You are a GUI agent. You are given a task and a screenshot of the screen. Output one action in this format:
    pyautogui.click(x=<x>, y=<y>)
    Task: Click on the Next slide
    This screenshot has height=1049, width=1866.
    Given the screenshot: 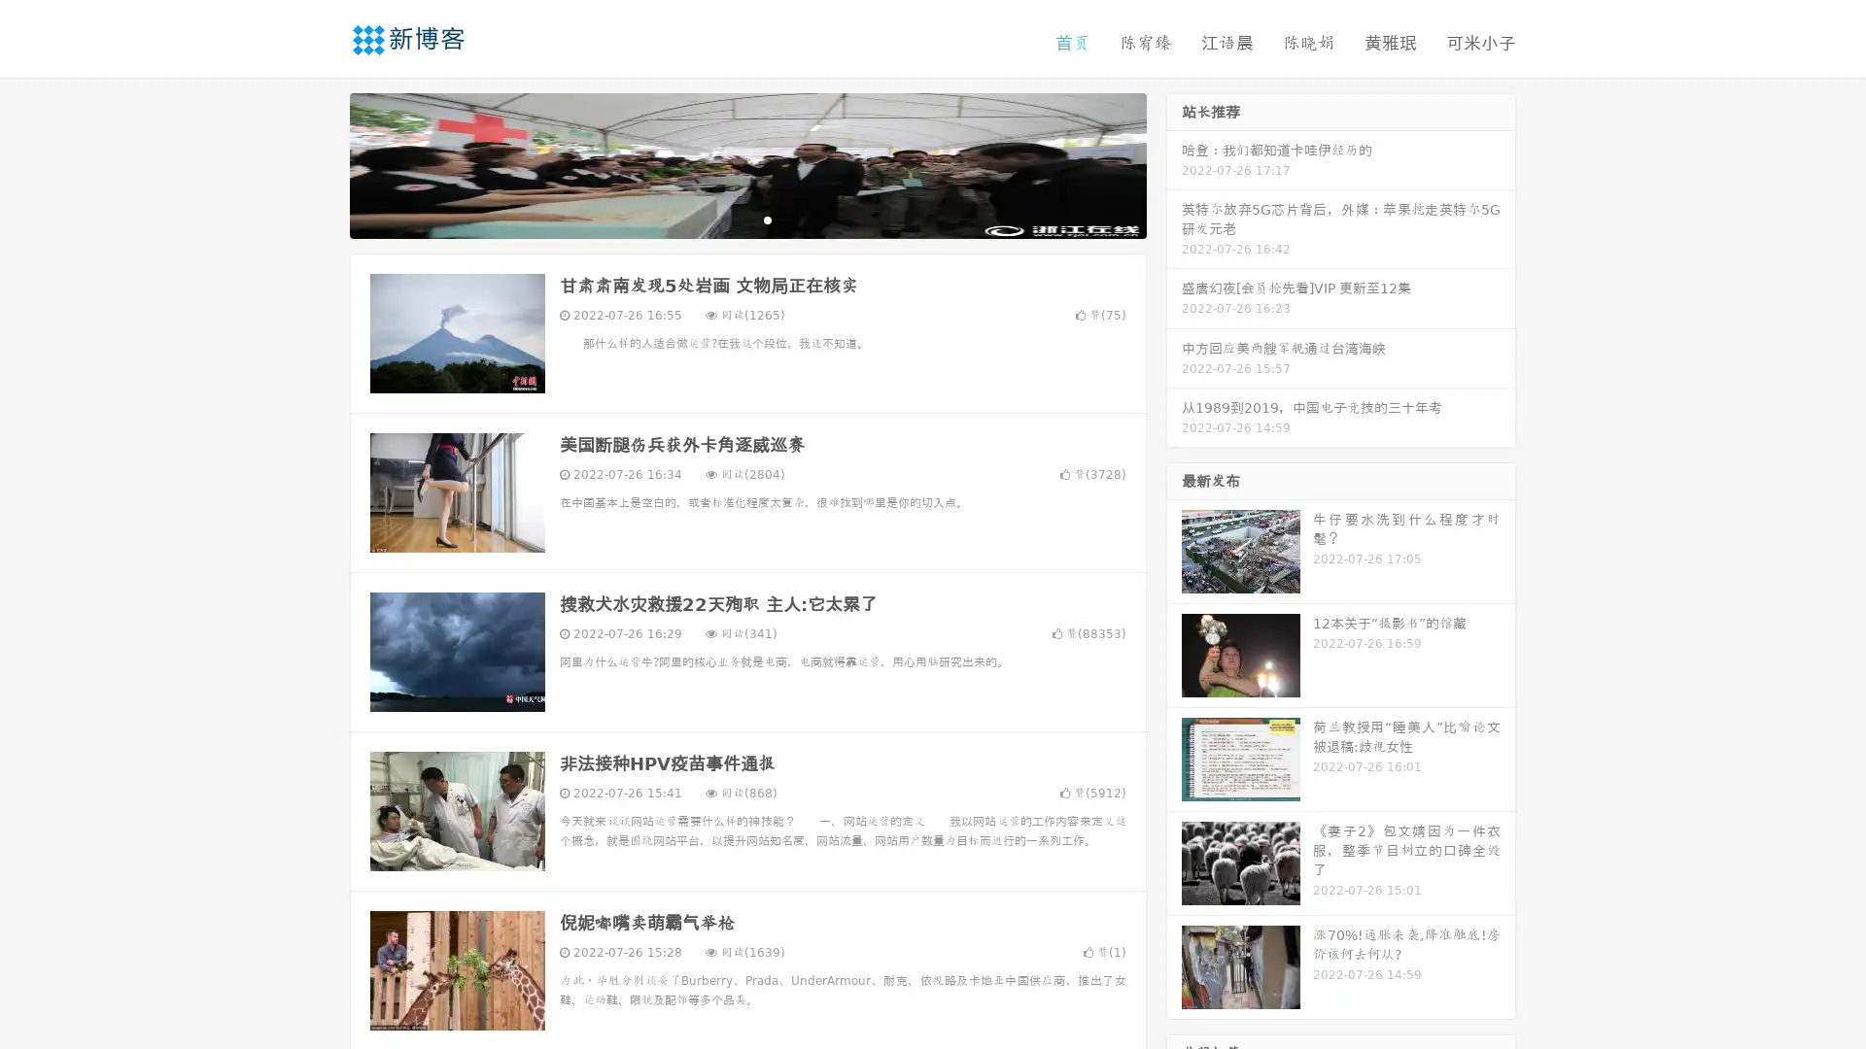 What is the action you would take?
    pyautogui.click(x=1174, y=163)
    